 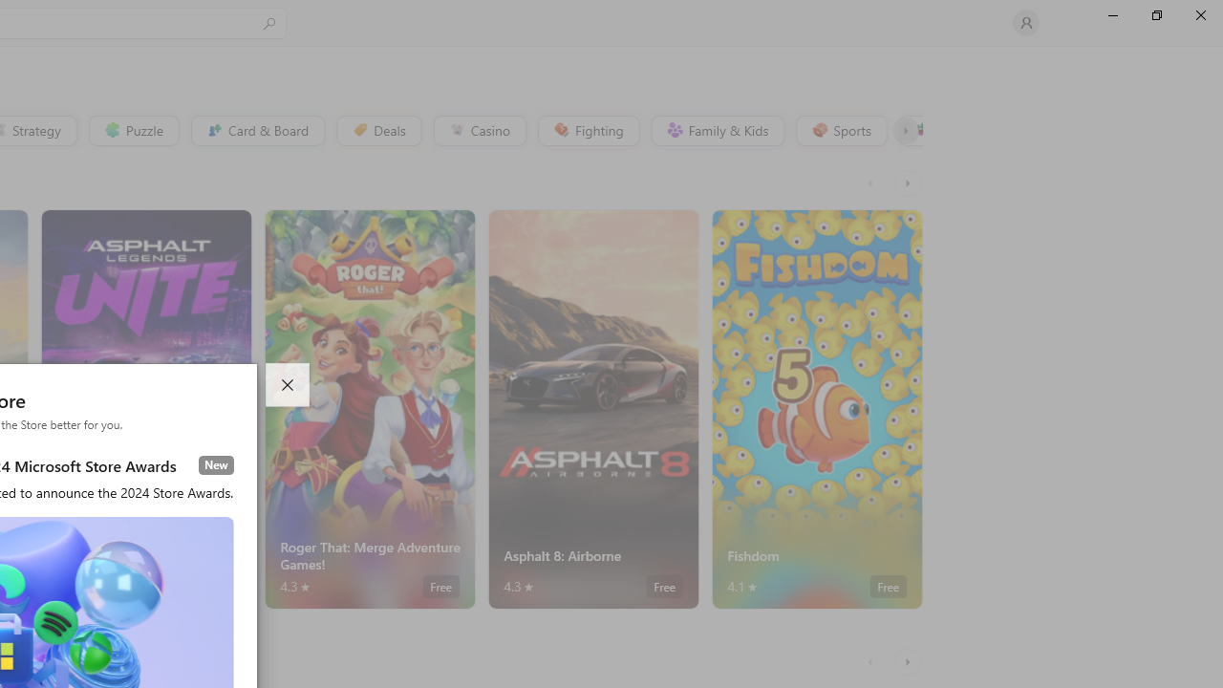 I want to click on 'Card & Board', so click(x=255, y=129).